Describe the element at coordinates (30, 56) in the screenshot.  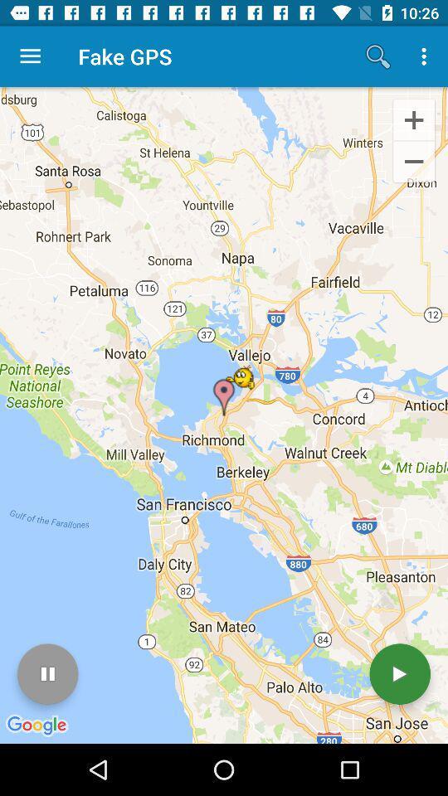
I see `the icon next to the fake gps icon` at that location.